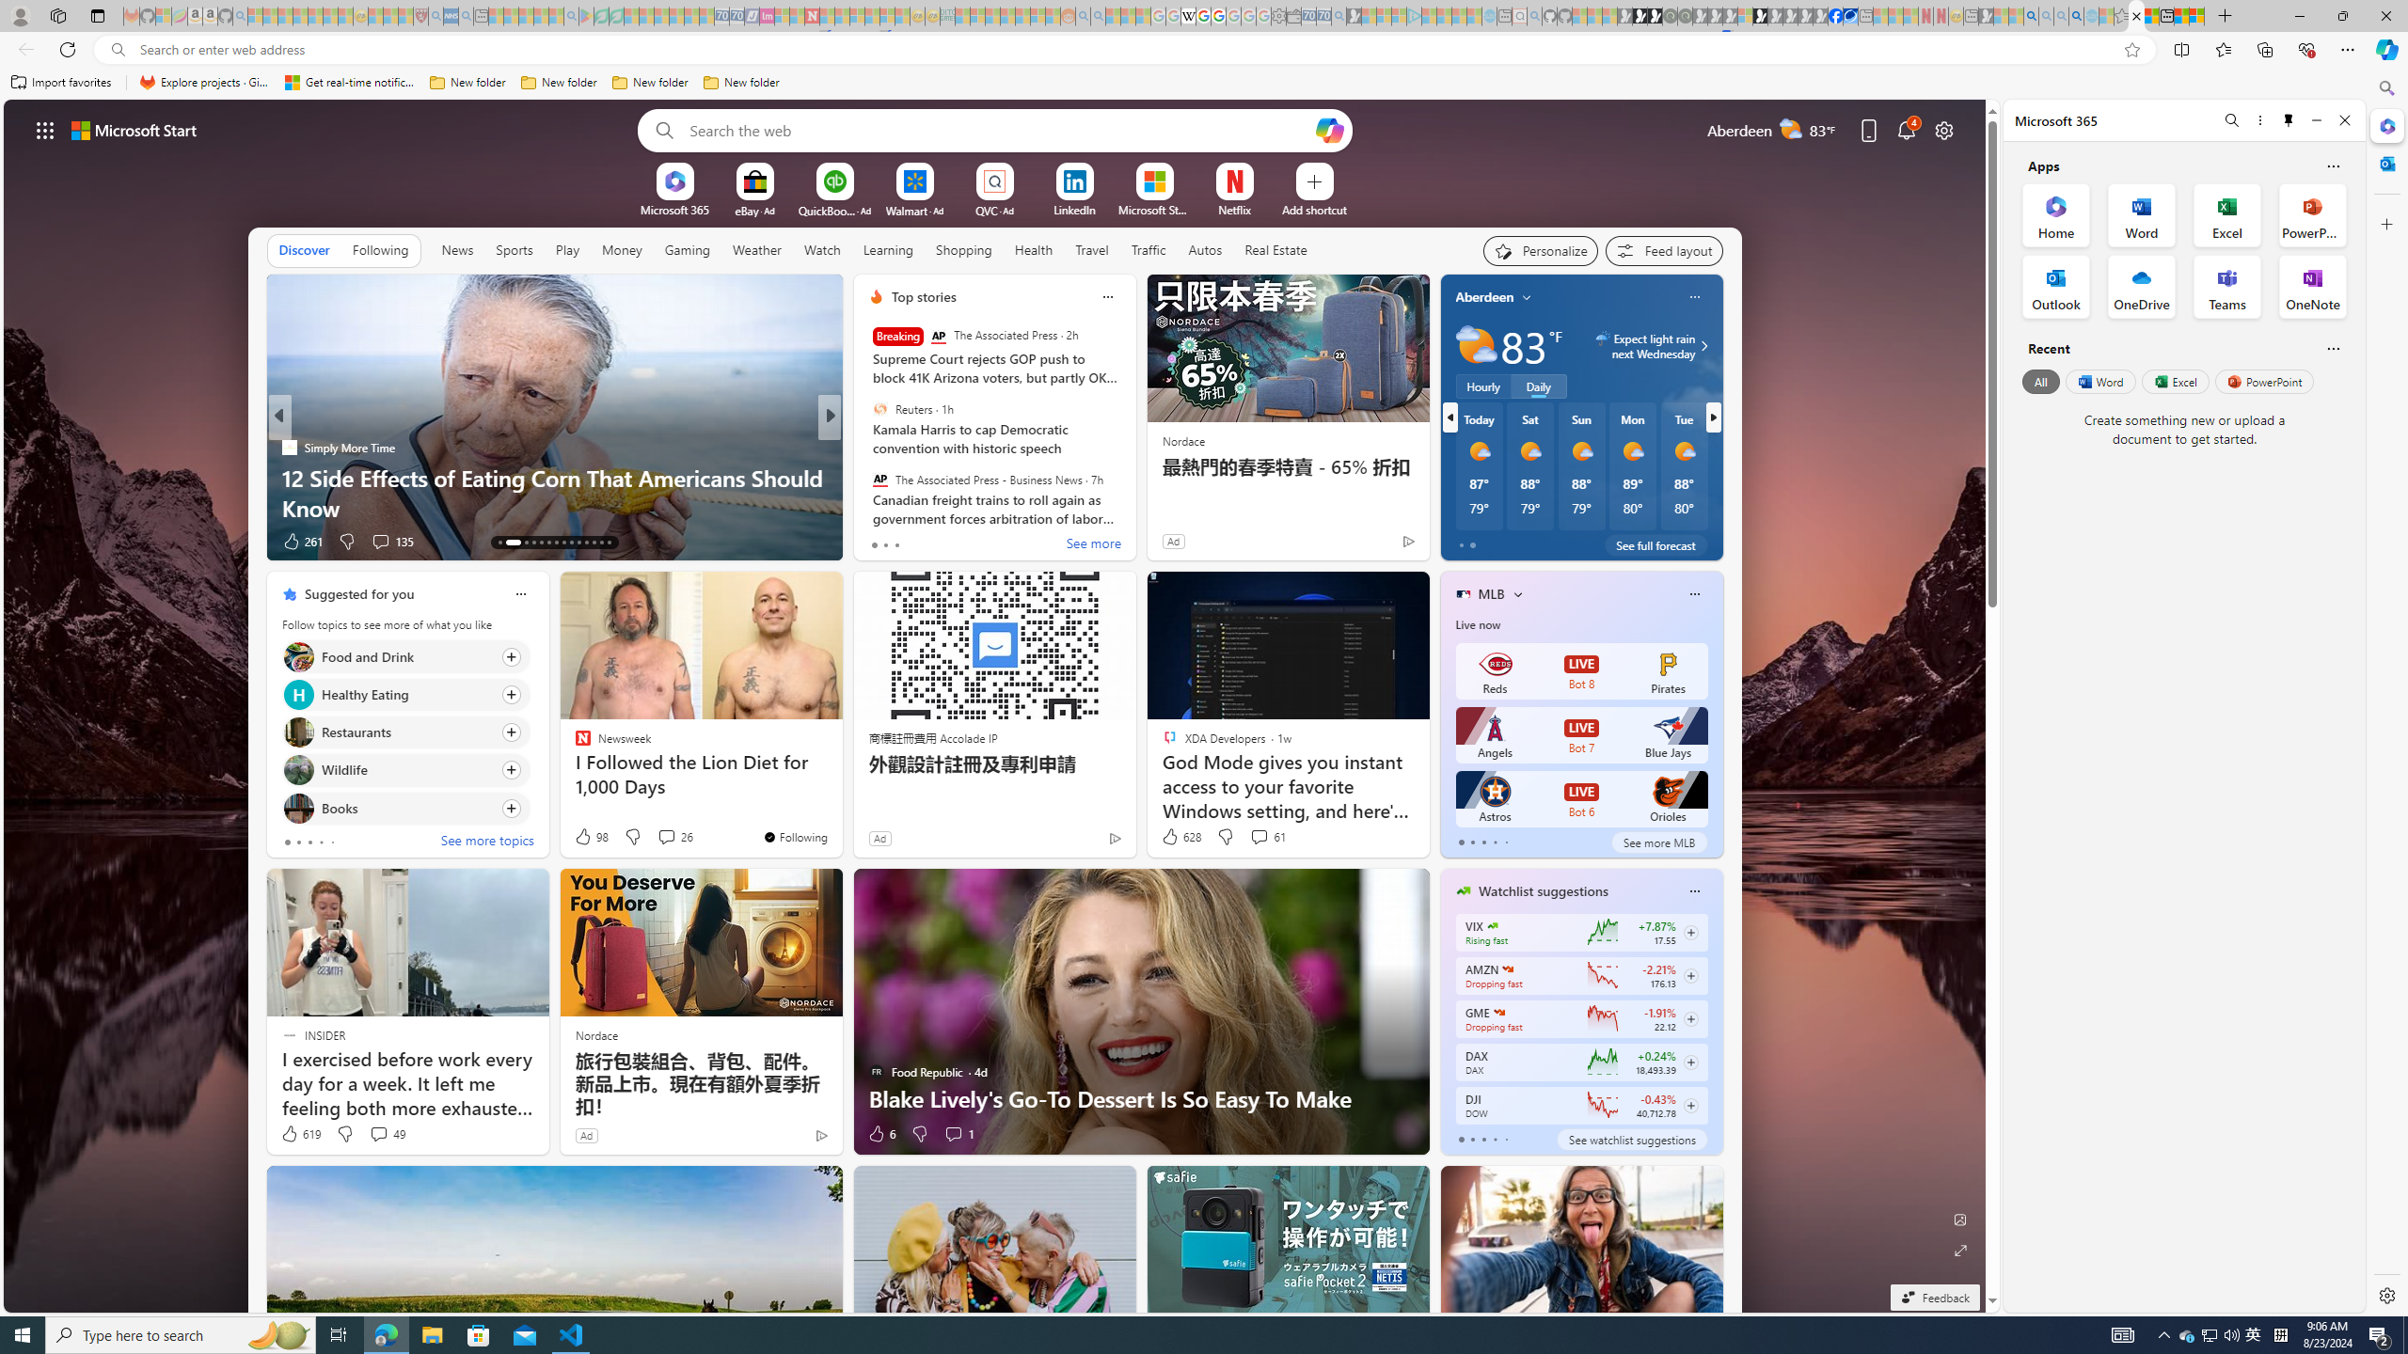 Image resolution: width=2408 pixels, height=1354 pixels. Describe the element at coordinates (1472, 1139) in the screenshot. I see `'tab-1'` at that location.